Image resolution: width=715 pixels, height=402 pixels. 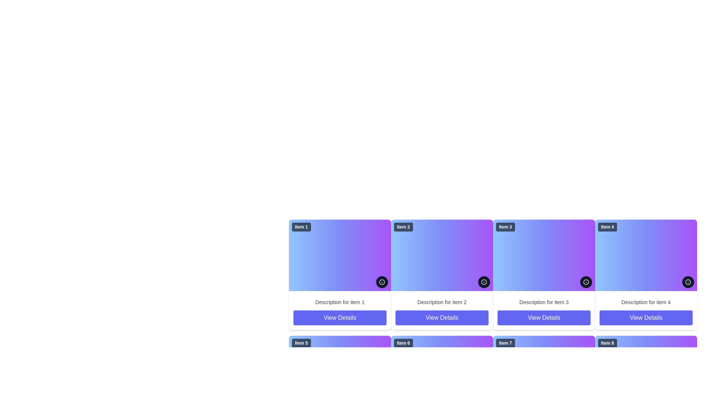 I want to click on the text label displaying 'Description for item 3' located in the card titled 'Item 3', which is positioned above the 'View Details' button, so click(x=544, y=302).